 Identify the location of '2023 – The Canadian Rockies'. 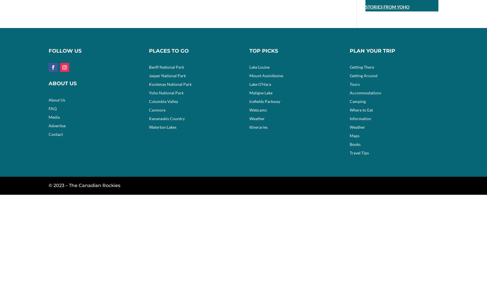
(86, 185).